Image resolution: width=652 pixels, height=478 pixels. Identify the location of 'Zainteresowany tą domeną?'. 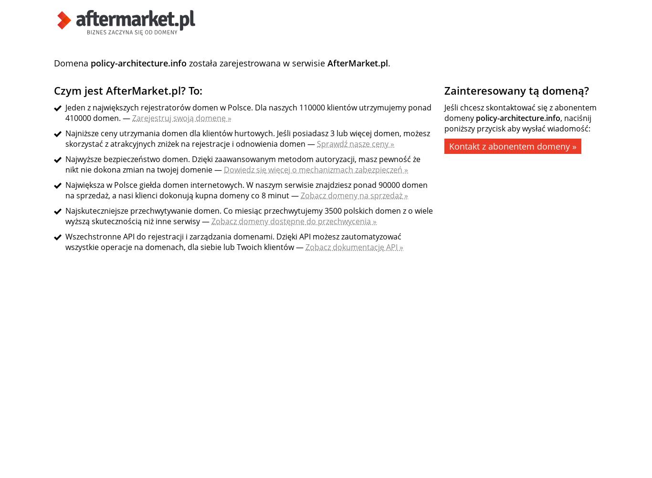
(444, 90).